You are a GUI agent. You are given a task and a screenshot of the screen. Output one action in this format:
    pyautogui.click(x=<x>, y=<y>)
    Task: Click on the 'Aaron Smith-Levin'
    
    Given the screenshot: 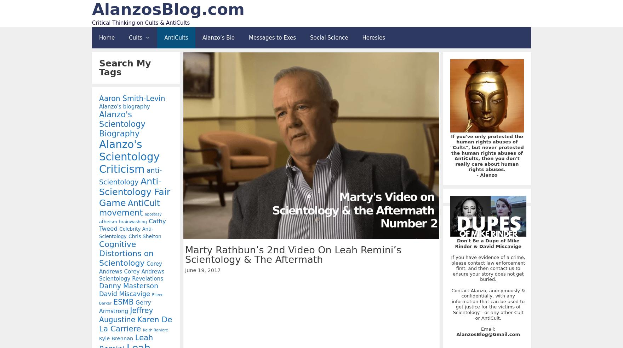 What is the action you would take?
    pyautogui.click(x=131, y=98)
    